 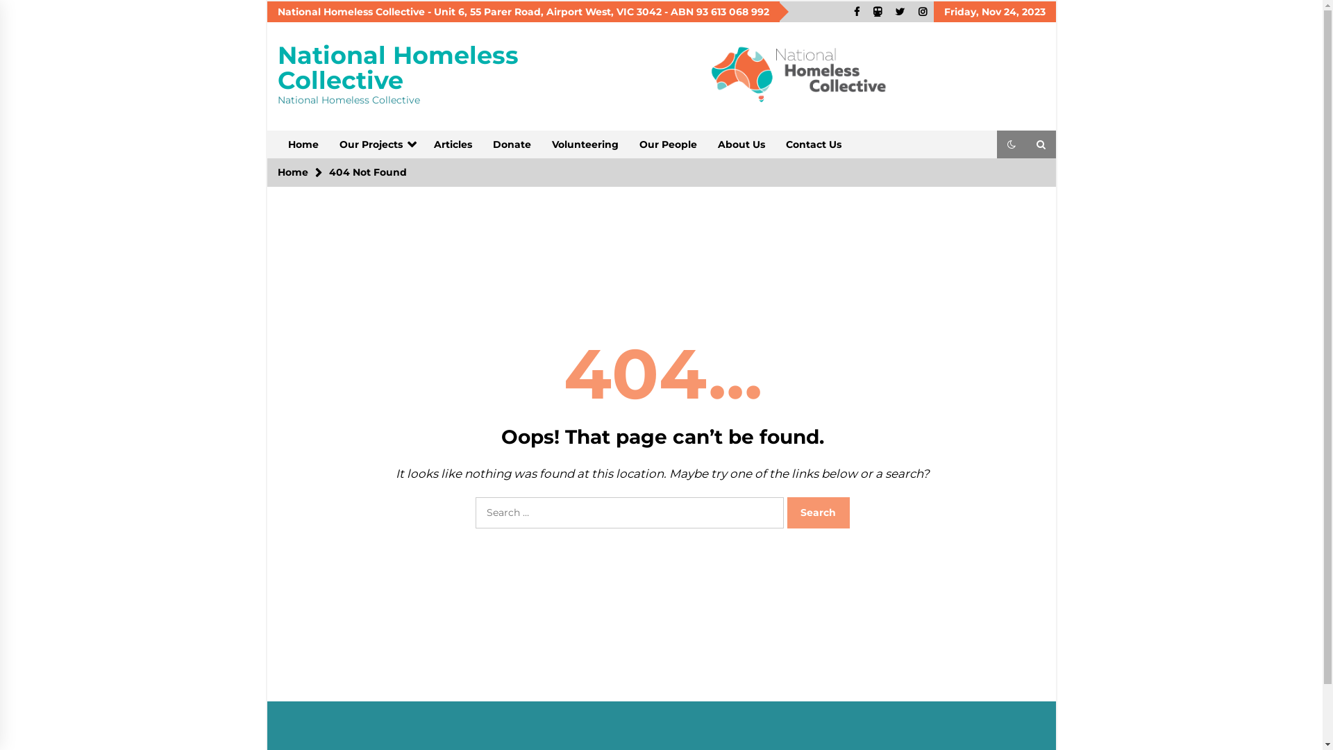 I want to click on 'About Us', so click(x=739, y=144).